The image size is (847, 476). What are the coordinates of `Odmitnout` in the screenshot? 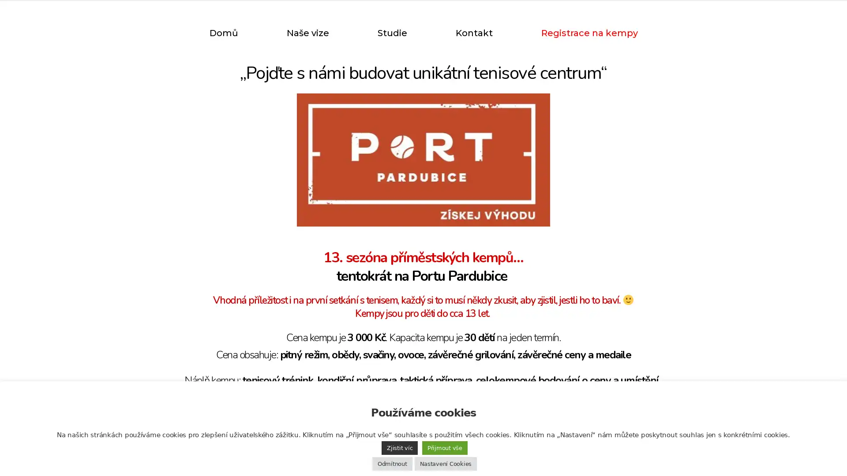 It's located at (391, 463).